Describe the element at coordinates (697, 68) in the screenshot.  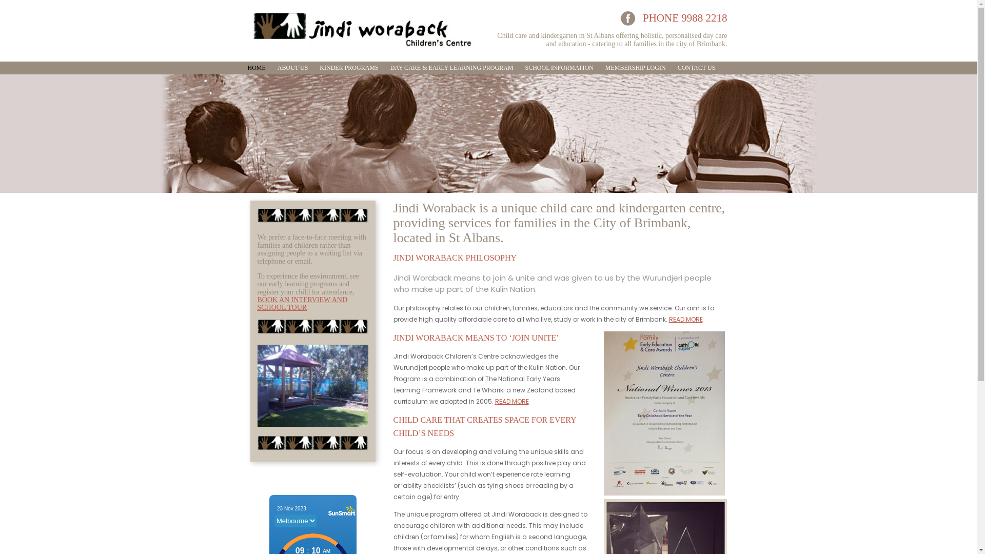
I see `'CONTACT US'` at that location.